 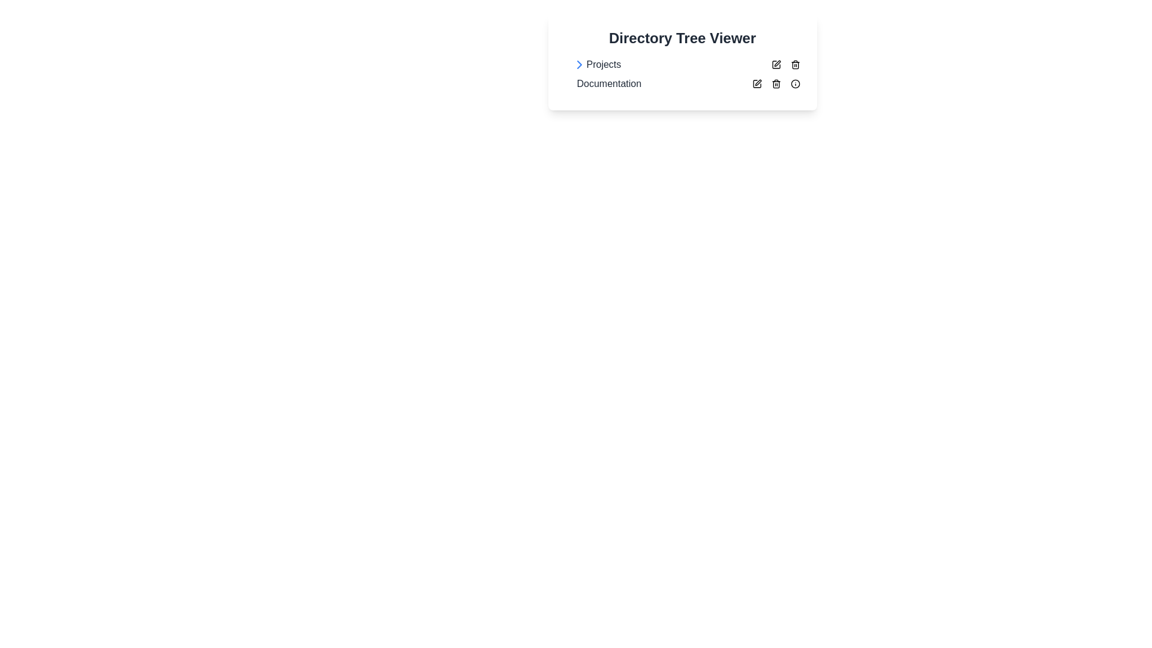 I want to click on the small blue rightward arrow icon located to the left of the 'Projects' text label, so click(x=579, y=65).